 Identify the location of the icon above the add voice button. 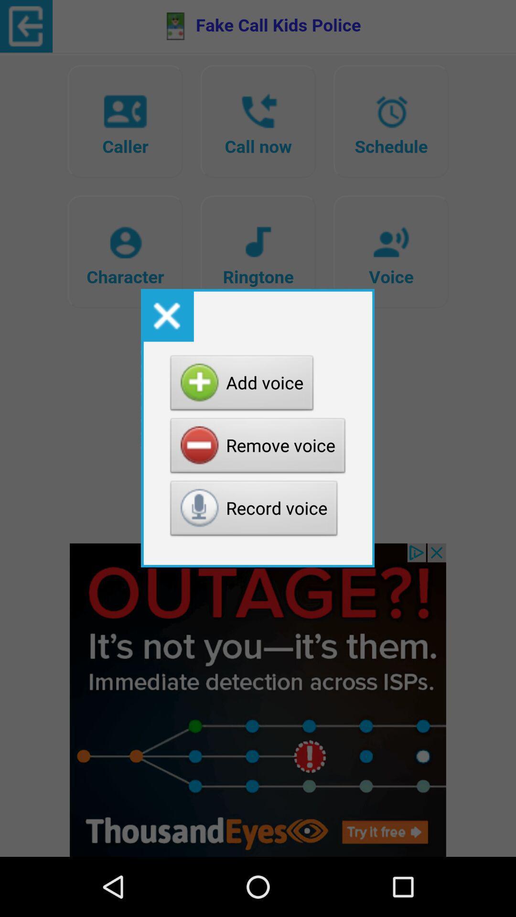
(167, 315).